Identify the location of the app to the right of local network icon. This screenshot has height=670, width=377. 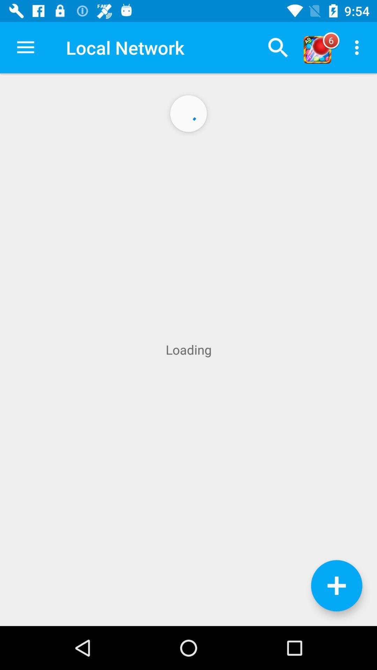
(278, 47).